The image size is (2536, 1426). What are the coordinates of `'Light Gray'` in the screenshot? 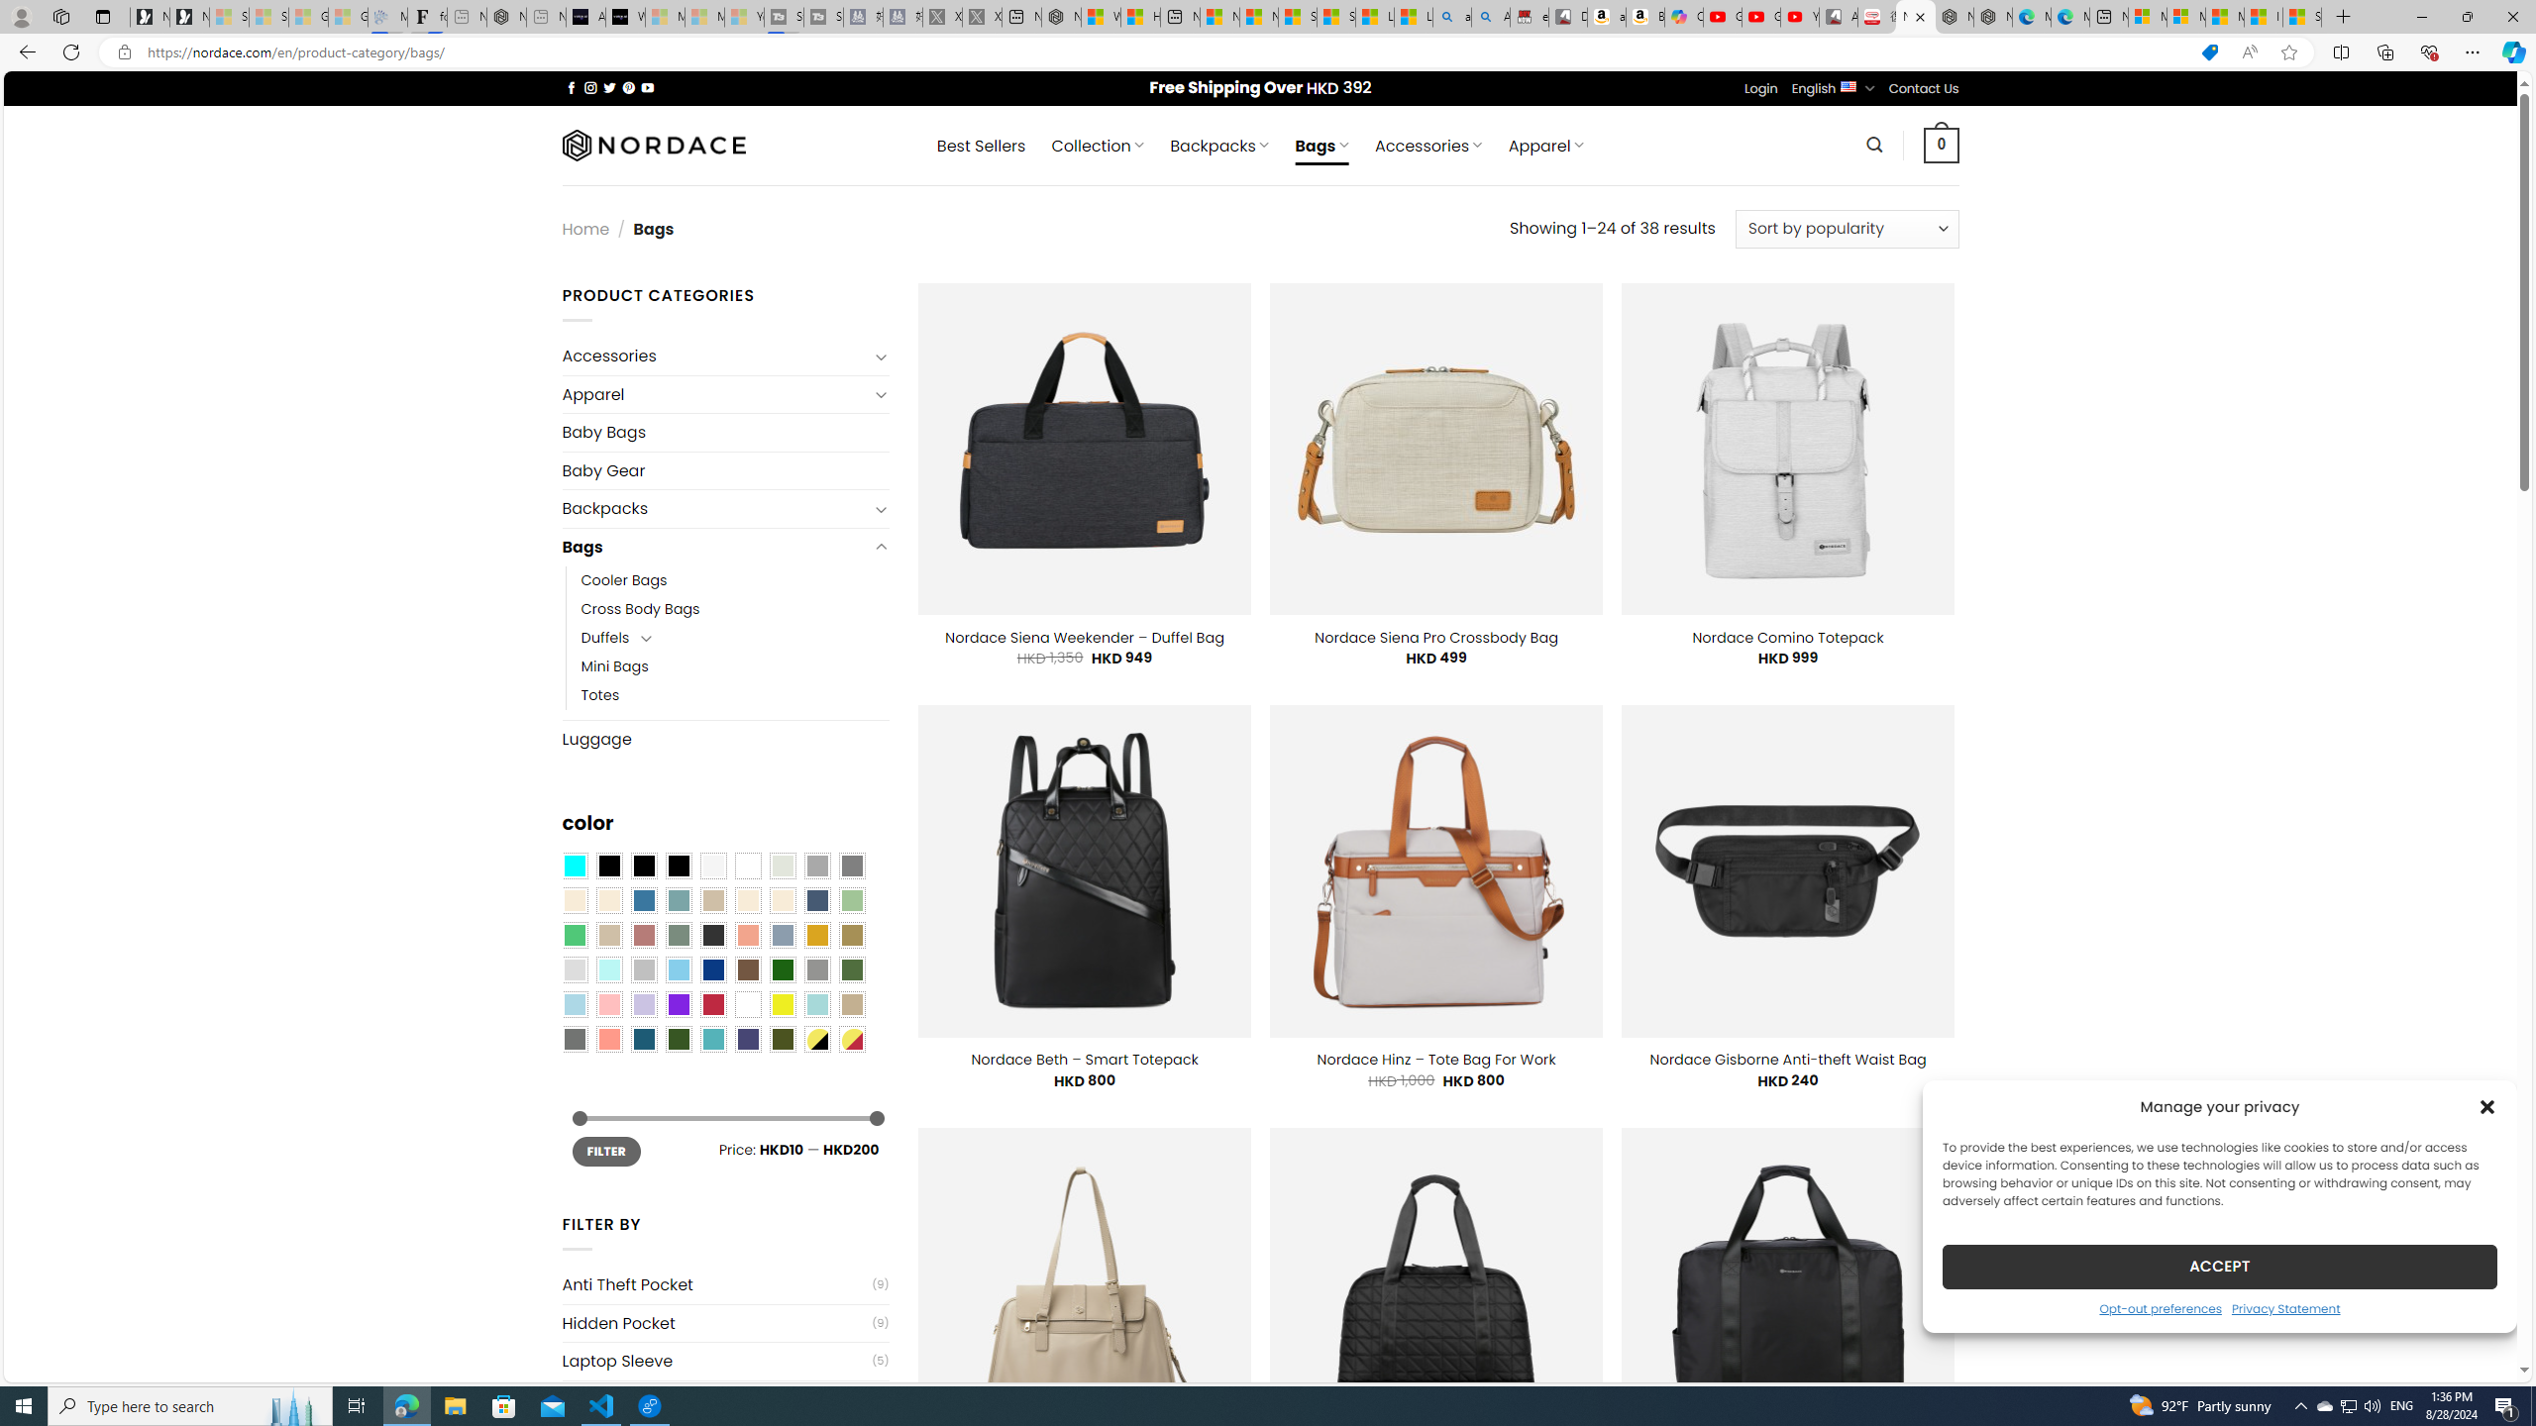 It's located at (573, 970).